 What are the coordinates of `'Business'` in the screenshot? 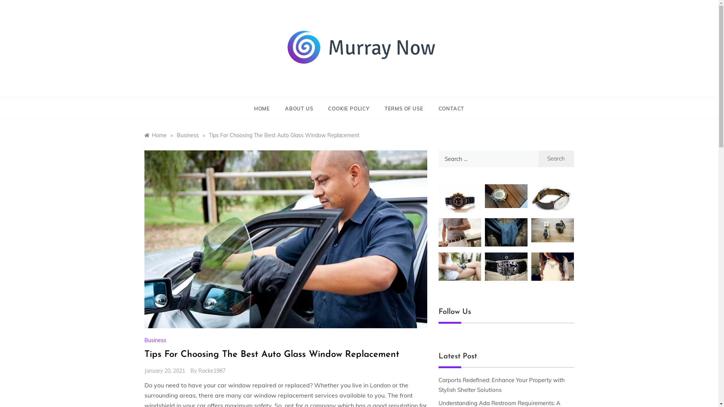 It's located at (187, 135).